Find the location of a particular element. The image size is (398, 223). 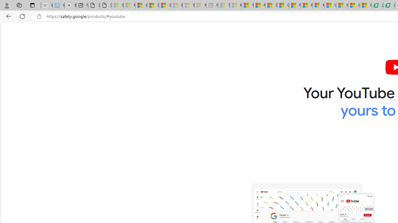

'LendingTree - Compare Lenders' is located at coordinates (389, 5).